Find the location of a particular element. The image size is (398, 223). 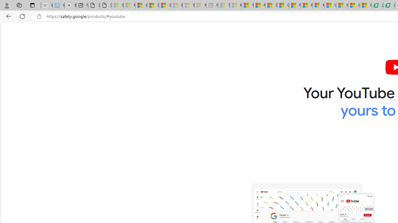

'LendingTree - Compare Lenders' is located at coordinates (389, 5).